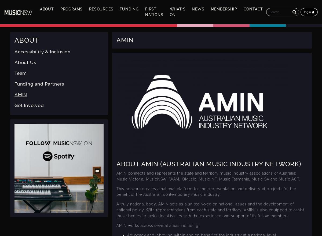 The width and height of the screenshot is (322, 236). Describe the element at coordinates (129, 9) in the screenshot. I see `'Funding'` at that location.